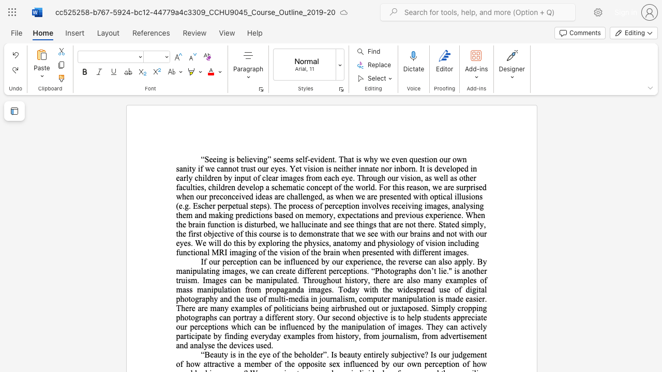  What do you see at coordinates (409, 234) in the screenshot?
I see `the subset text "brains and not with our eyes. We wil" within the text "involves receiving images, analysing them and making predictions based on memory, expectations and previous experience. When the brain function is disturbed, we hallucinate and see things that are not there. Stated simply, the first objective of this course is to demonstrate that we see with our brains and not with our eyes. We will do this by exploring the physics, anatomy and physiology of vision including functional MRI imaging of the vision of the brain when presented with different images."` at bounding box center [409, 234].